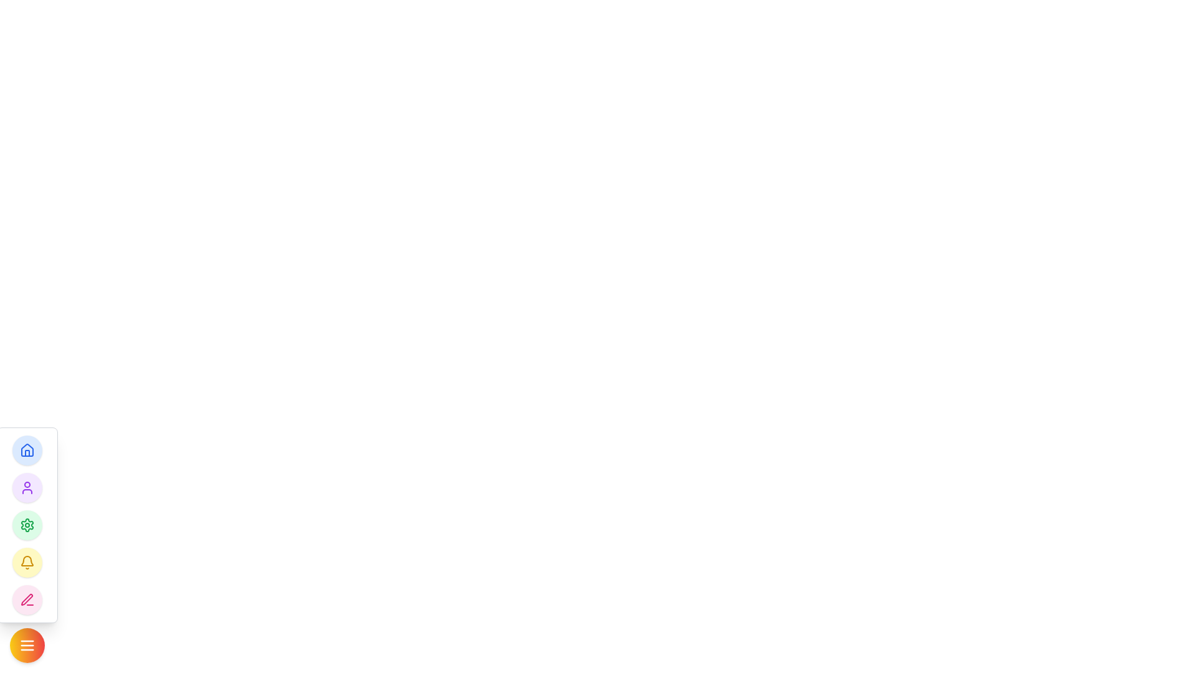 The height and width of the screenshot is (673, 1196). I want to click on the topmost blue circular button with a house icon located in the vertical menu on the left side, so click(27, 450).